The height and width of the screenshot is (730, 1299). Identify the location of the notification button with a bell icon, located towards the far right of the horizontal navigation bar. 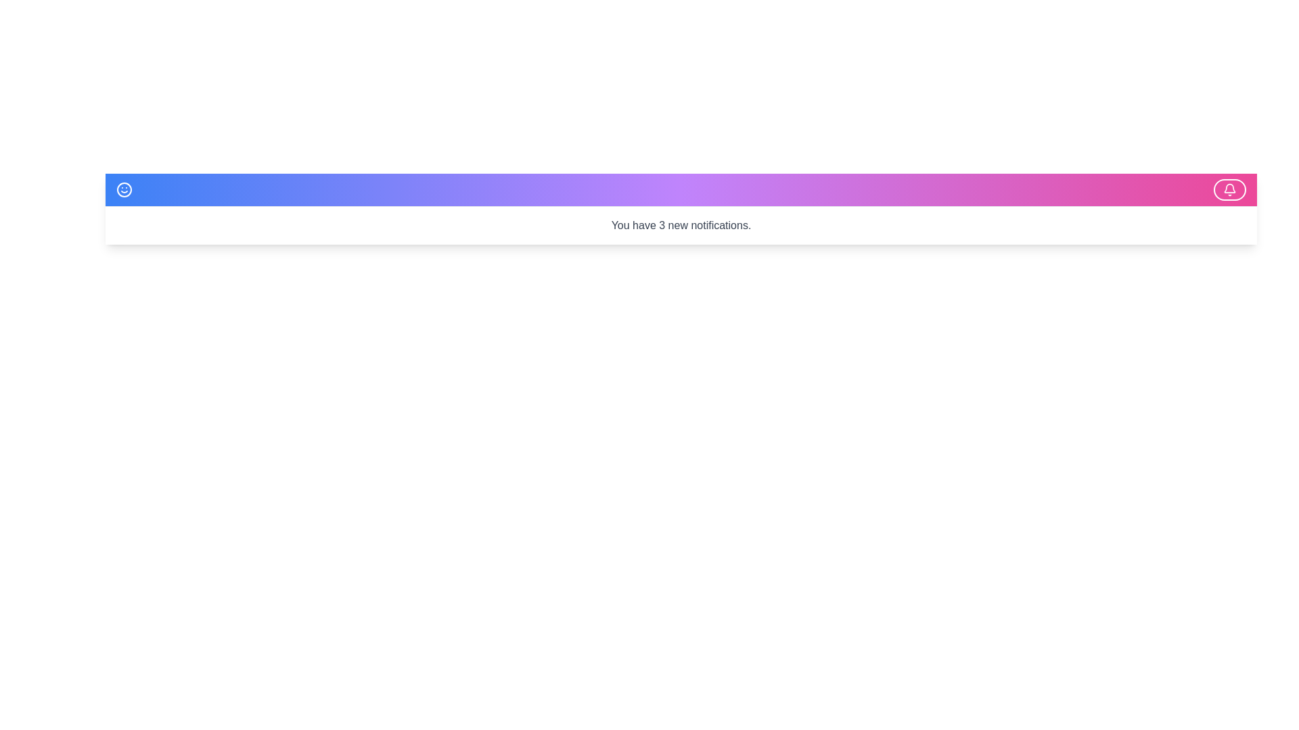
(1230, 190).